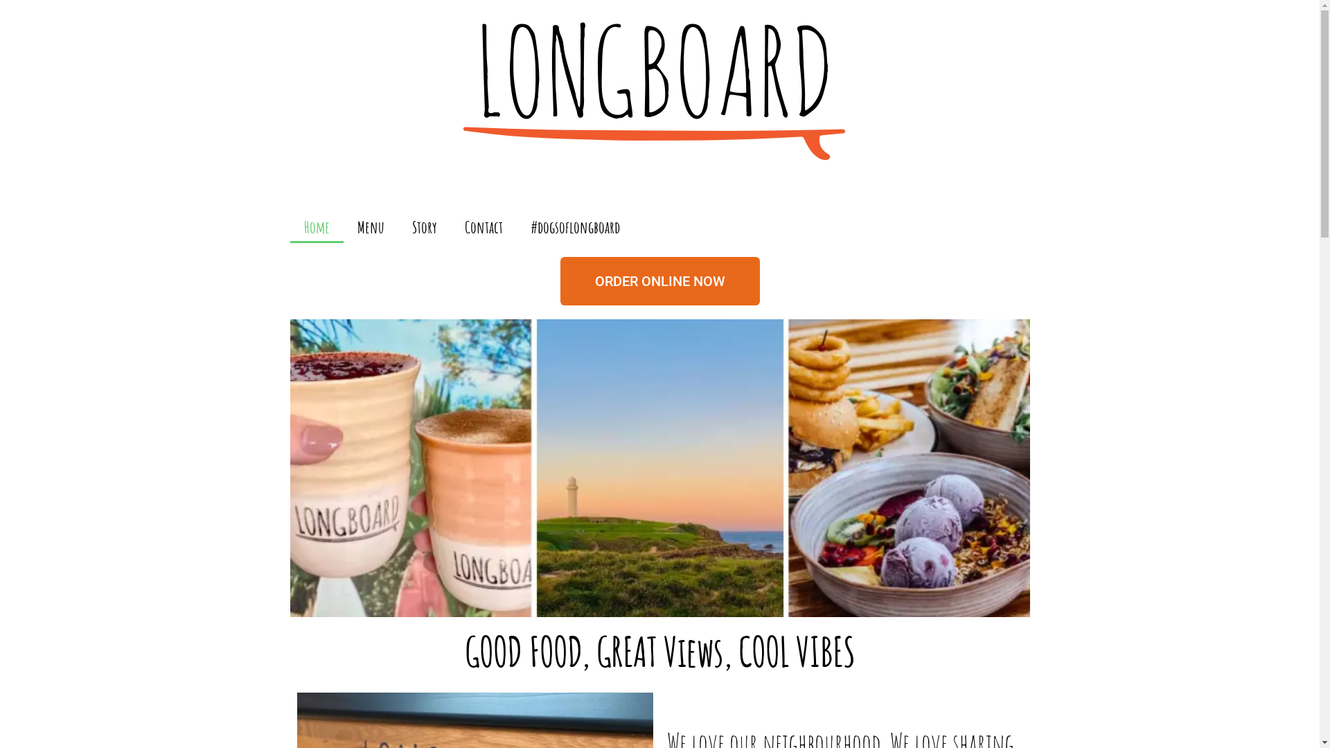 This screenshot has width=1330, height=748. I want to click on 'ORDER ONLINE NOW', so click(658, 280).